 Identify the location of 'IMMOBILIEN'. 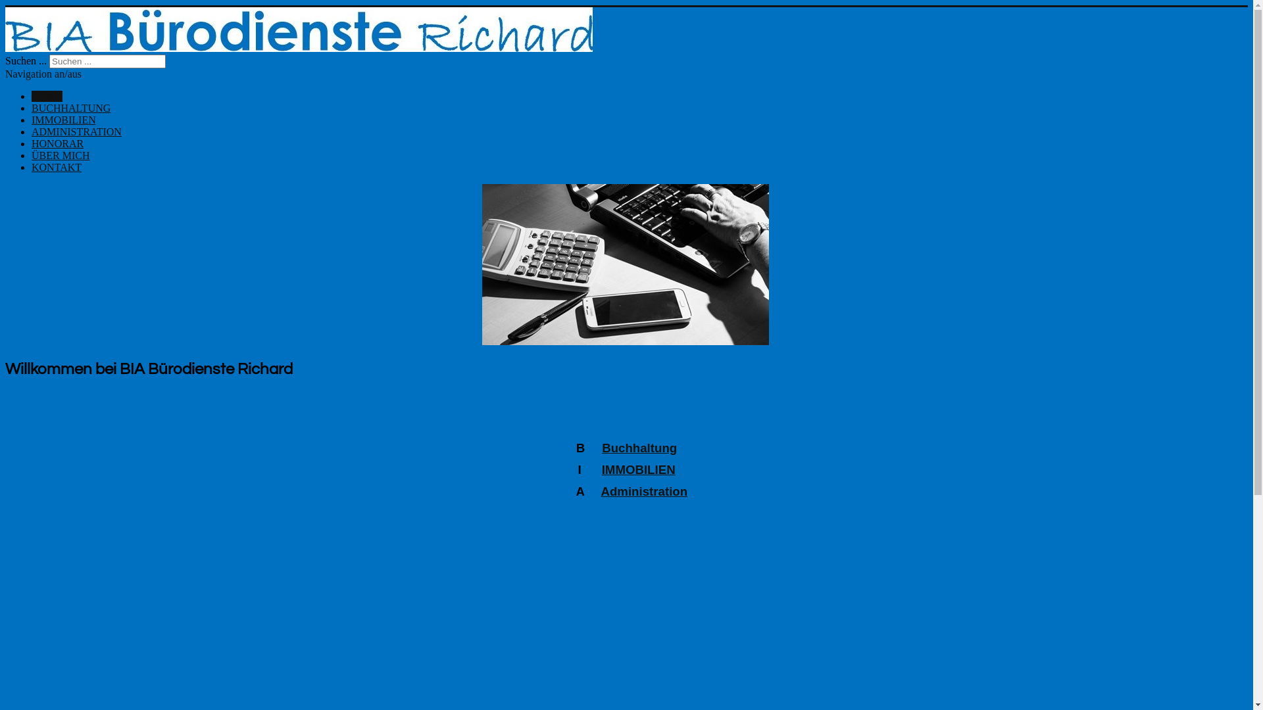
(638, 469).